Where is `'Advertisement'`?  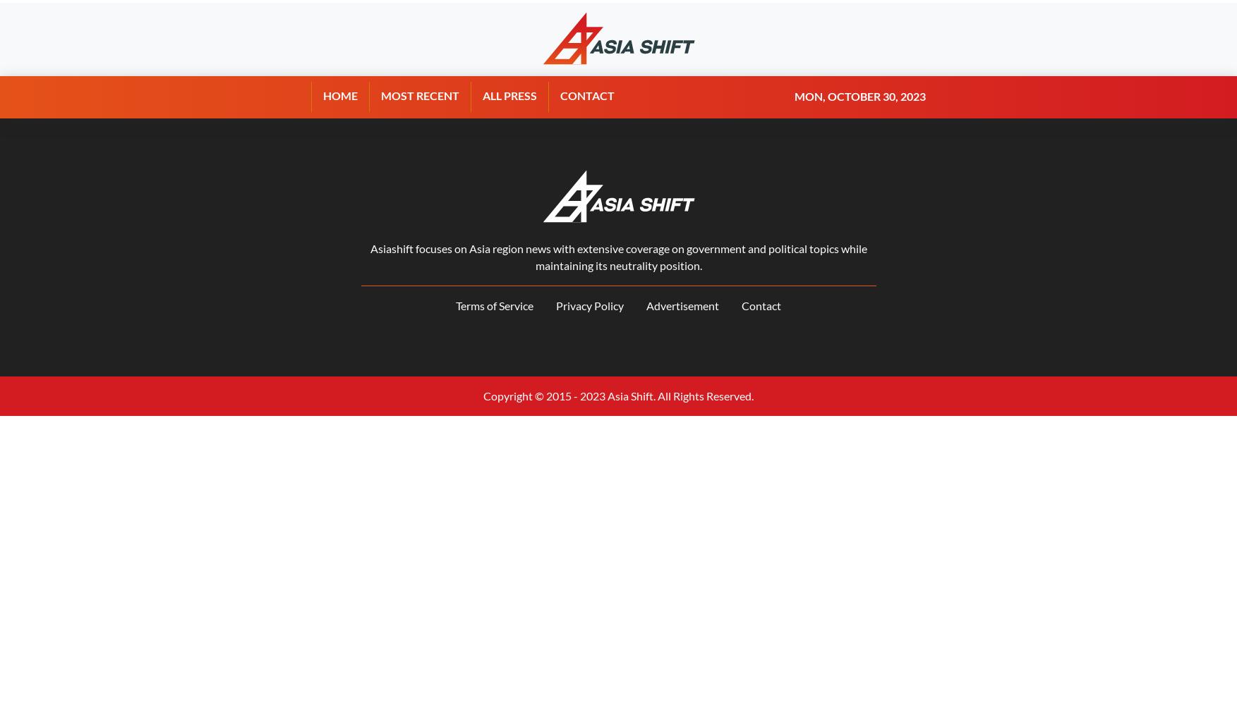 'Advertisement' is located at coordinates (682, 305).